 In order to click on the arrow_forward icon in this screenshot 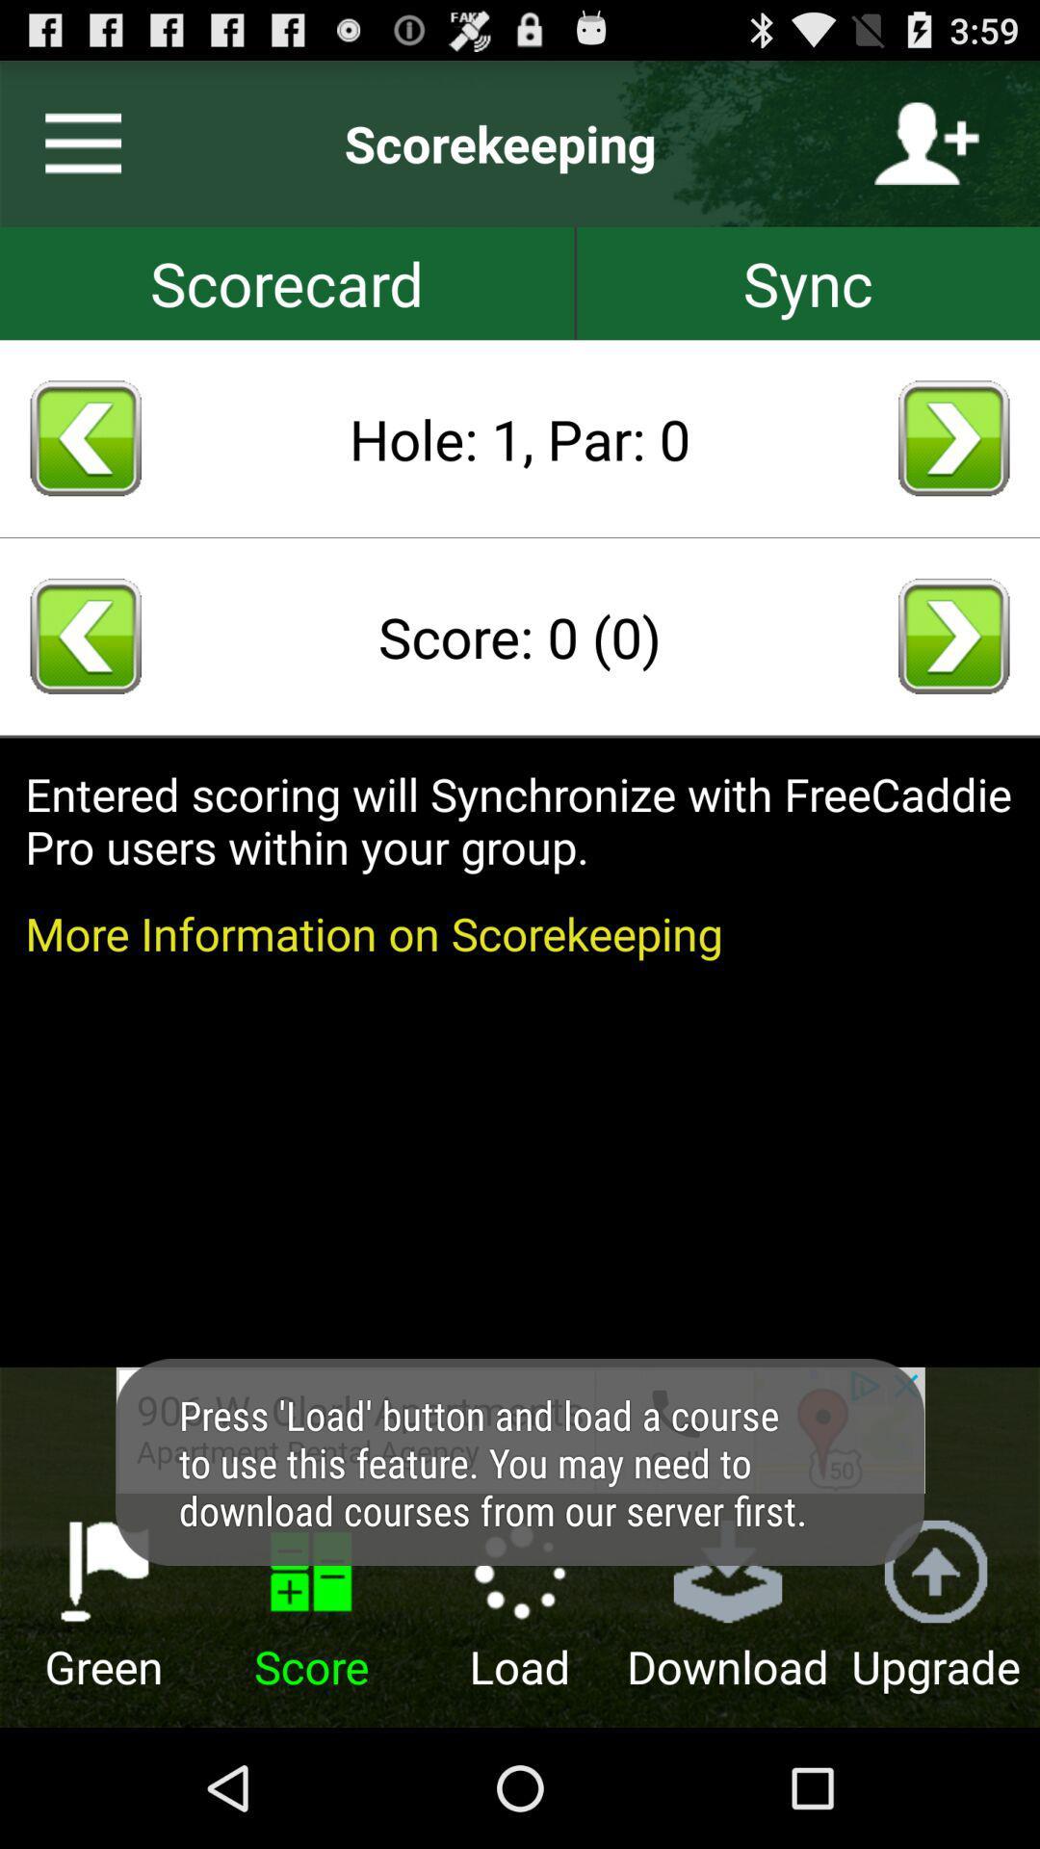, I will do `click(953, 681)`.